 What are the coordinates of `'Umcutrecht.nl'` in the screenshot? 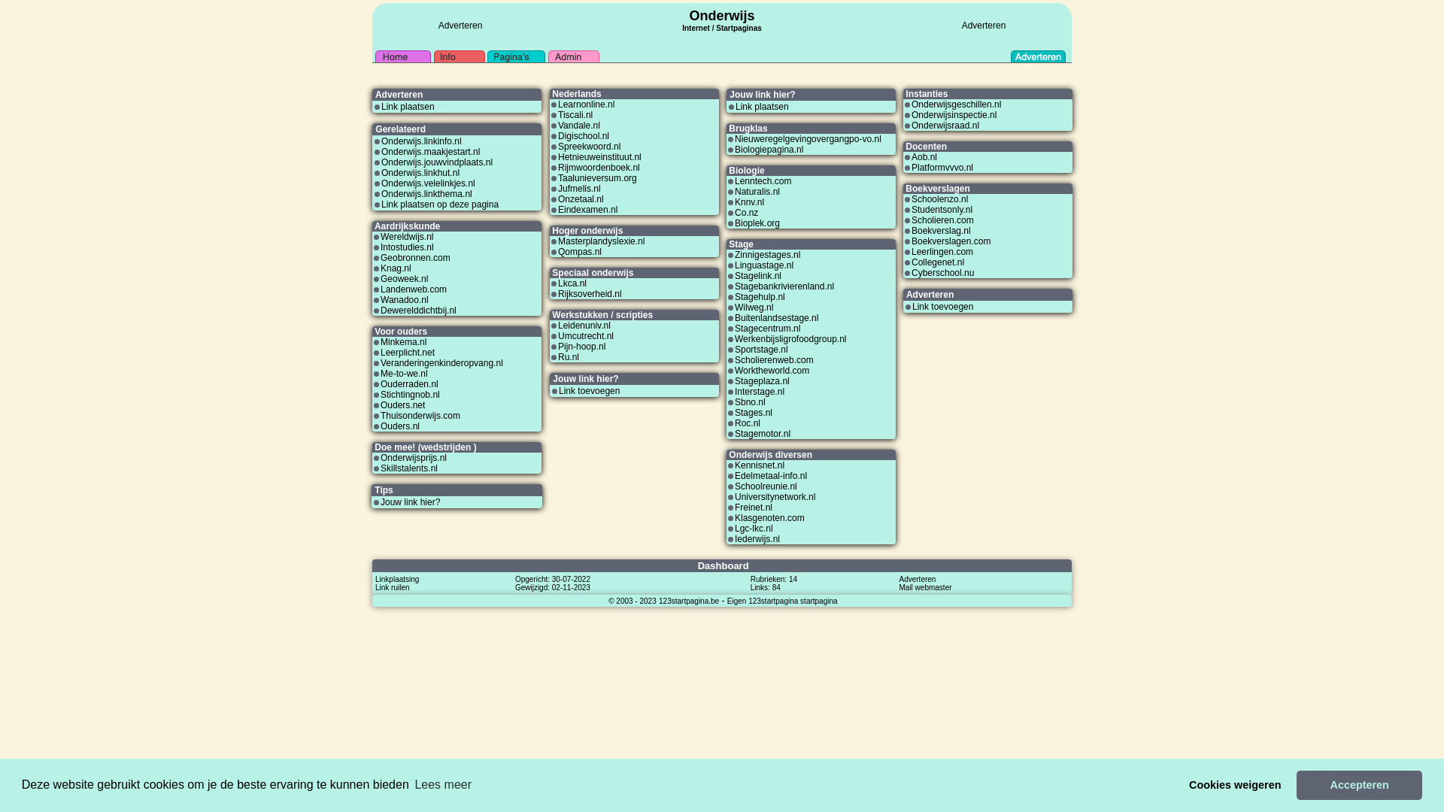 It's located at (557, 335).